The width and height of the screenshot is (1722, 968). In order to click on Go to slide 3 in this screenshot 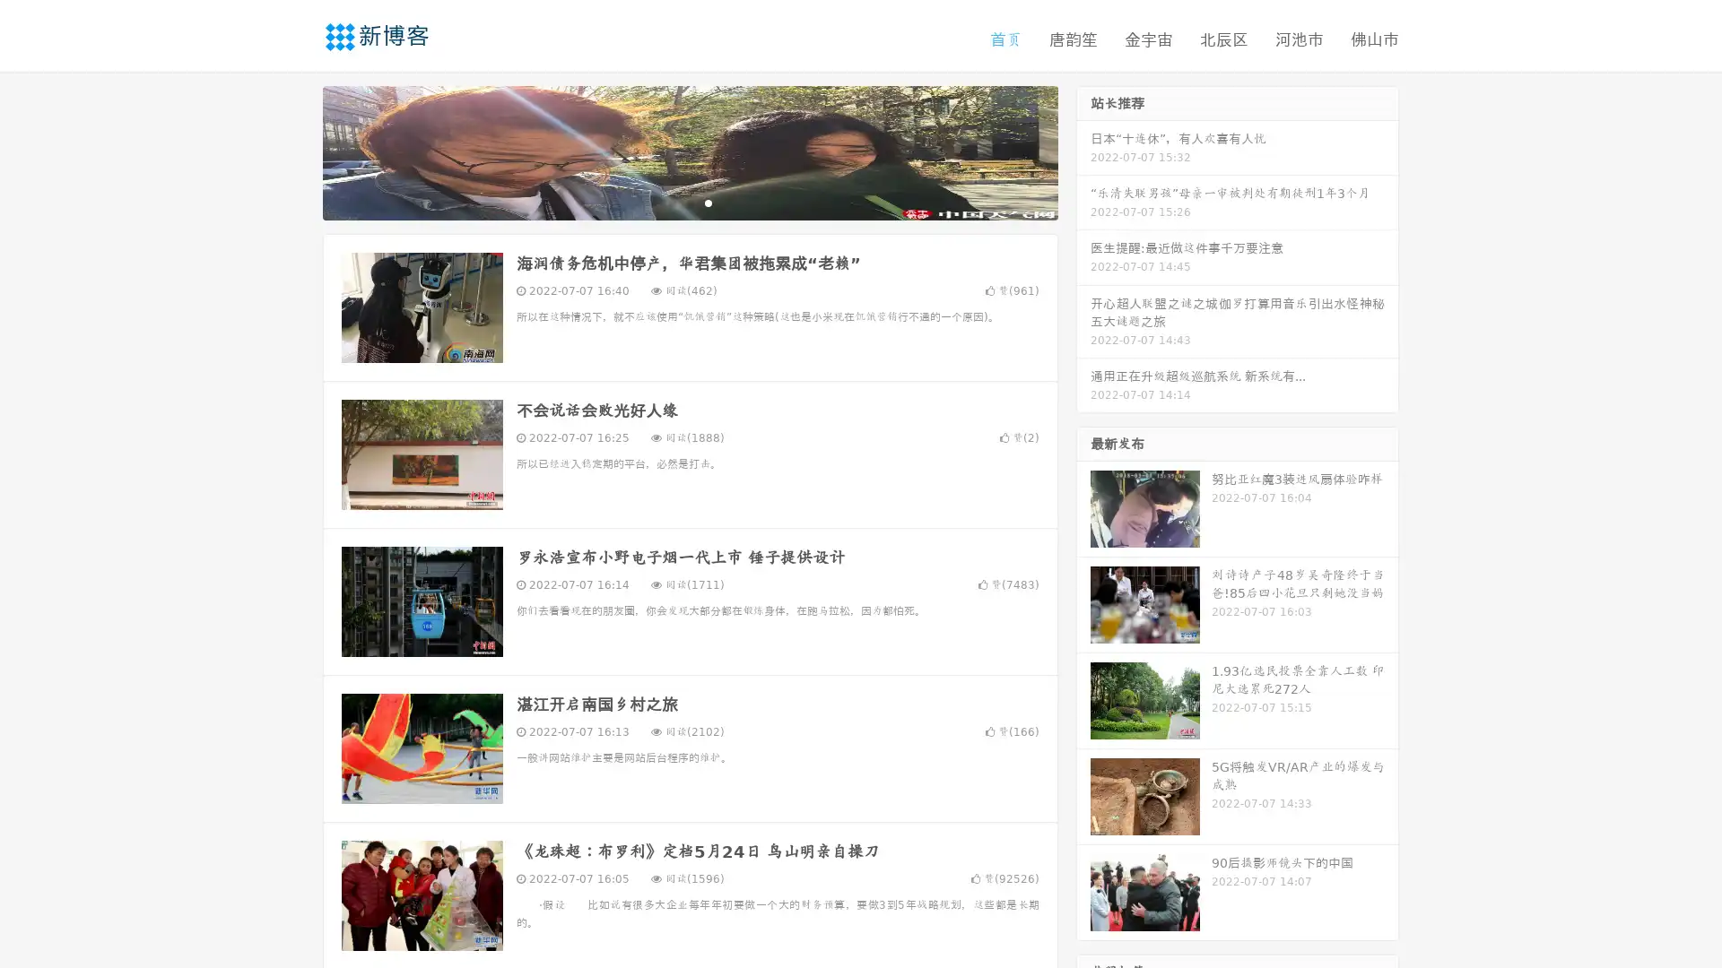, I will do `click(708, 202)`.